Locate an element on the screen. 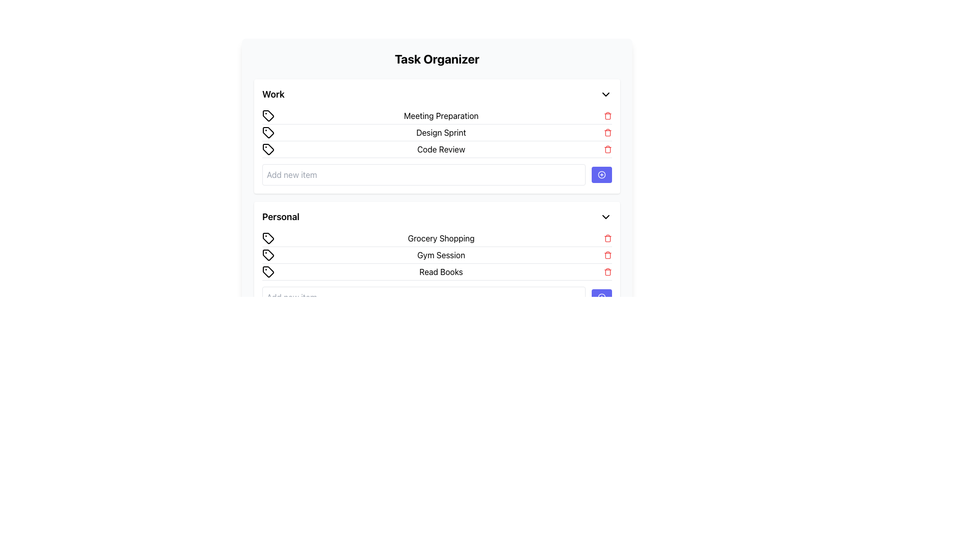 This screenshot has height=549, width=976. on the text label displaying the name or title of a task in the third row of the 'Work' task list, located between a tag icon and a red delete icon is located at coordinates (441, 149).